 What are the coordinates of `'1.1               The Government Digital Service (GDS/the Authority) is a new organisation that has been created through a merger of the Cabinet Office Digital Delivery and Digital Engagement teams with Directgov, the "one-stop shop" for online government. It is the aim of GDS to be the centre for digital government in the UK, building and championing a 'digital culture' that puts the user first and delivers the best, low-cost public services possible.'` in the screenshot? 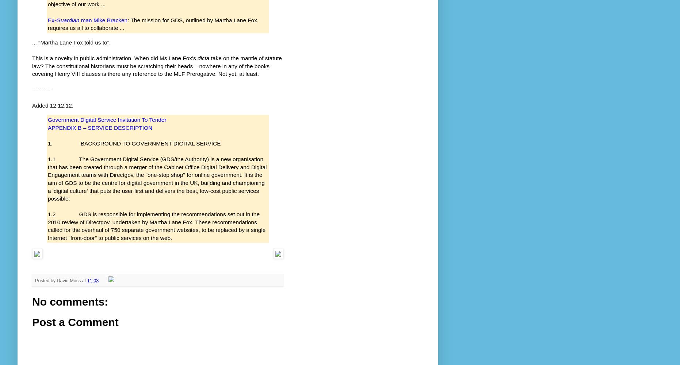 It's located at (157, 179).